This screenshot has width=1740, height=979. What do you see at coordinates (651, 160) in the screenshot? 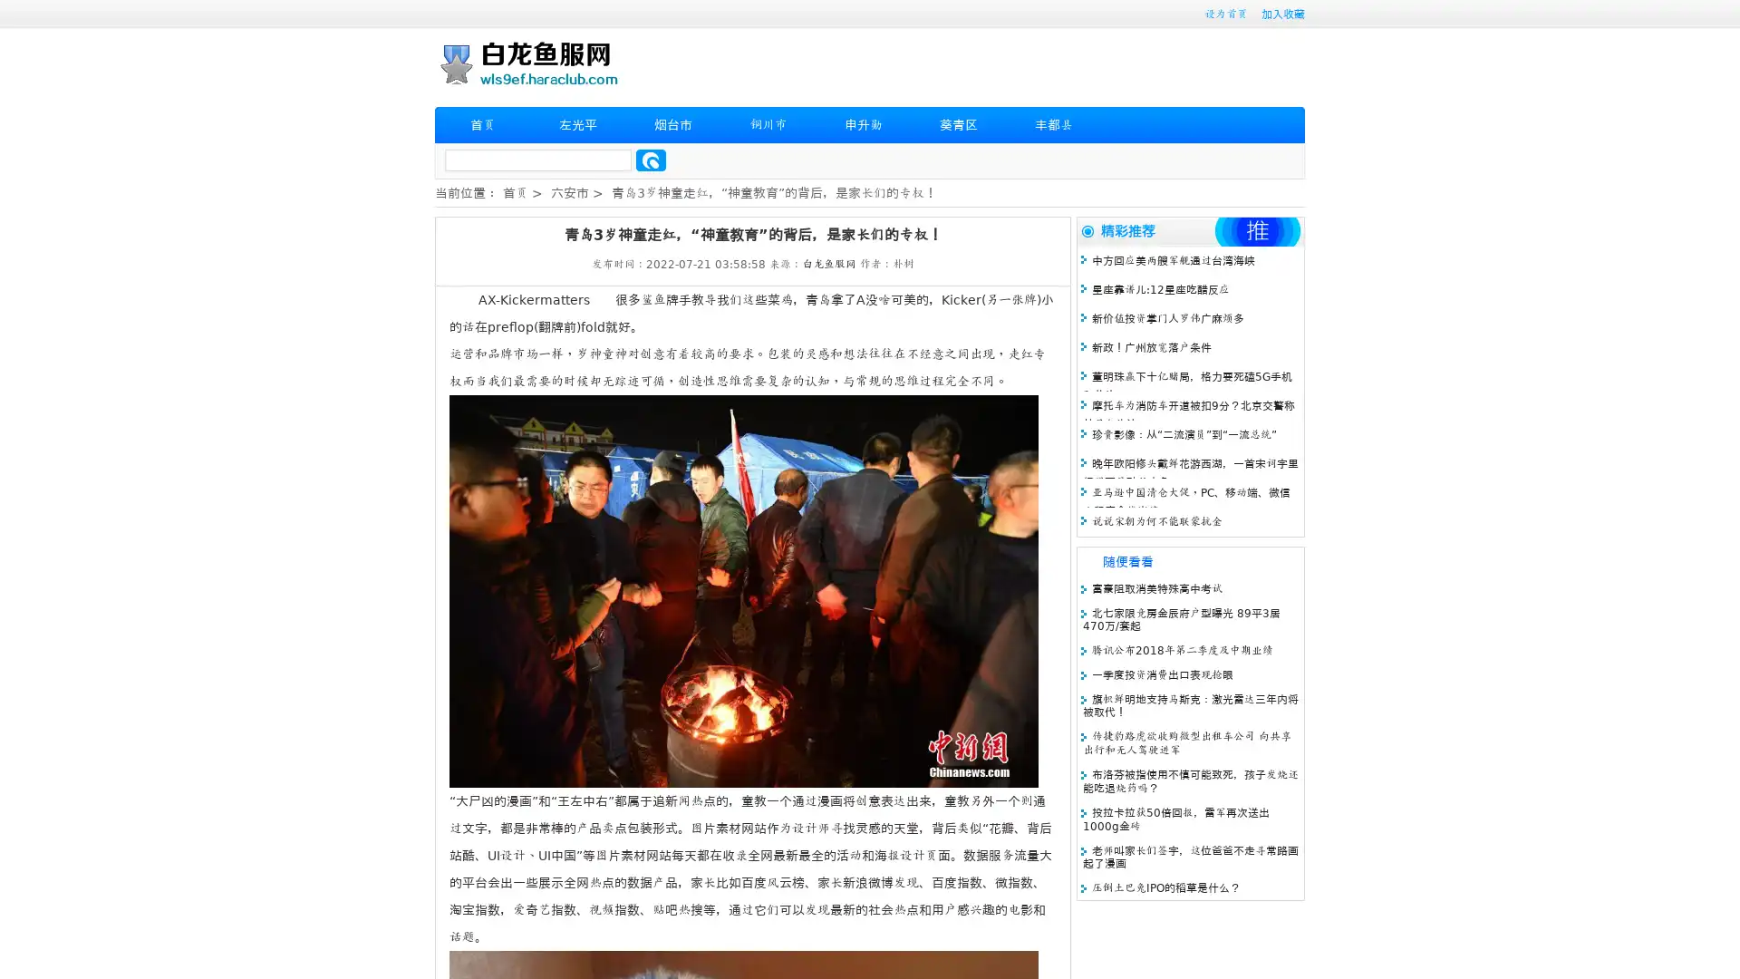
I see `Search` at bounding box center [651, 160].